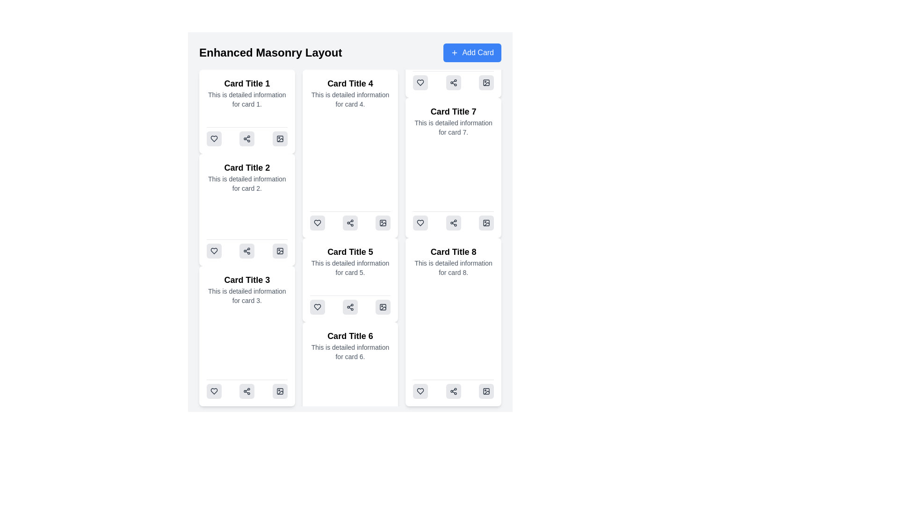 Image resolution: width=898 pixels, height=505 pixels. Describe the element at coordinates (420, 391) in the screenshot. I see `the leftmost 'like' icon in the footer section of 'Card Title 8'` at that location.